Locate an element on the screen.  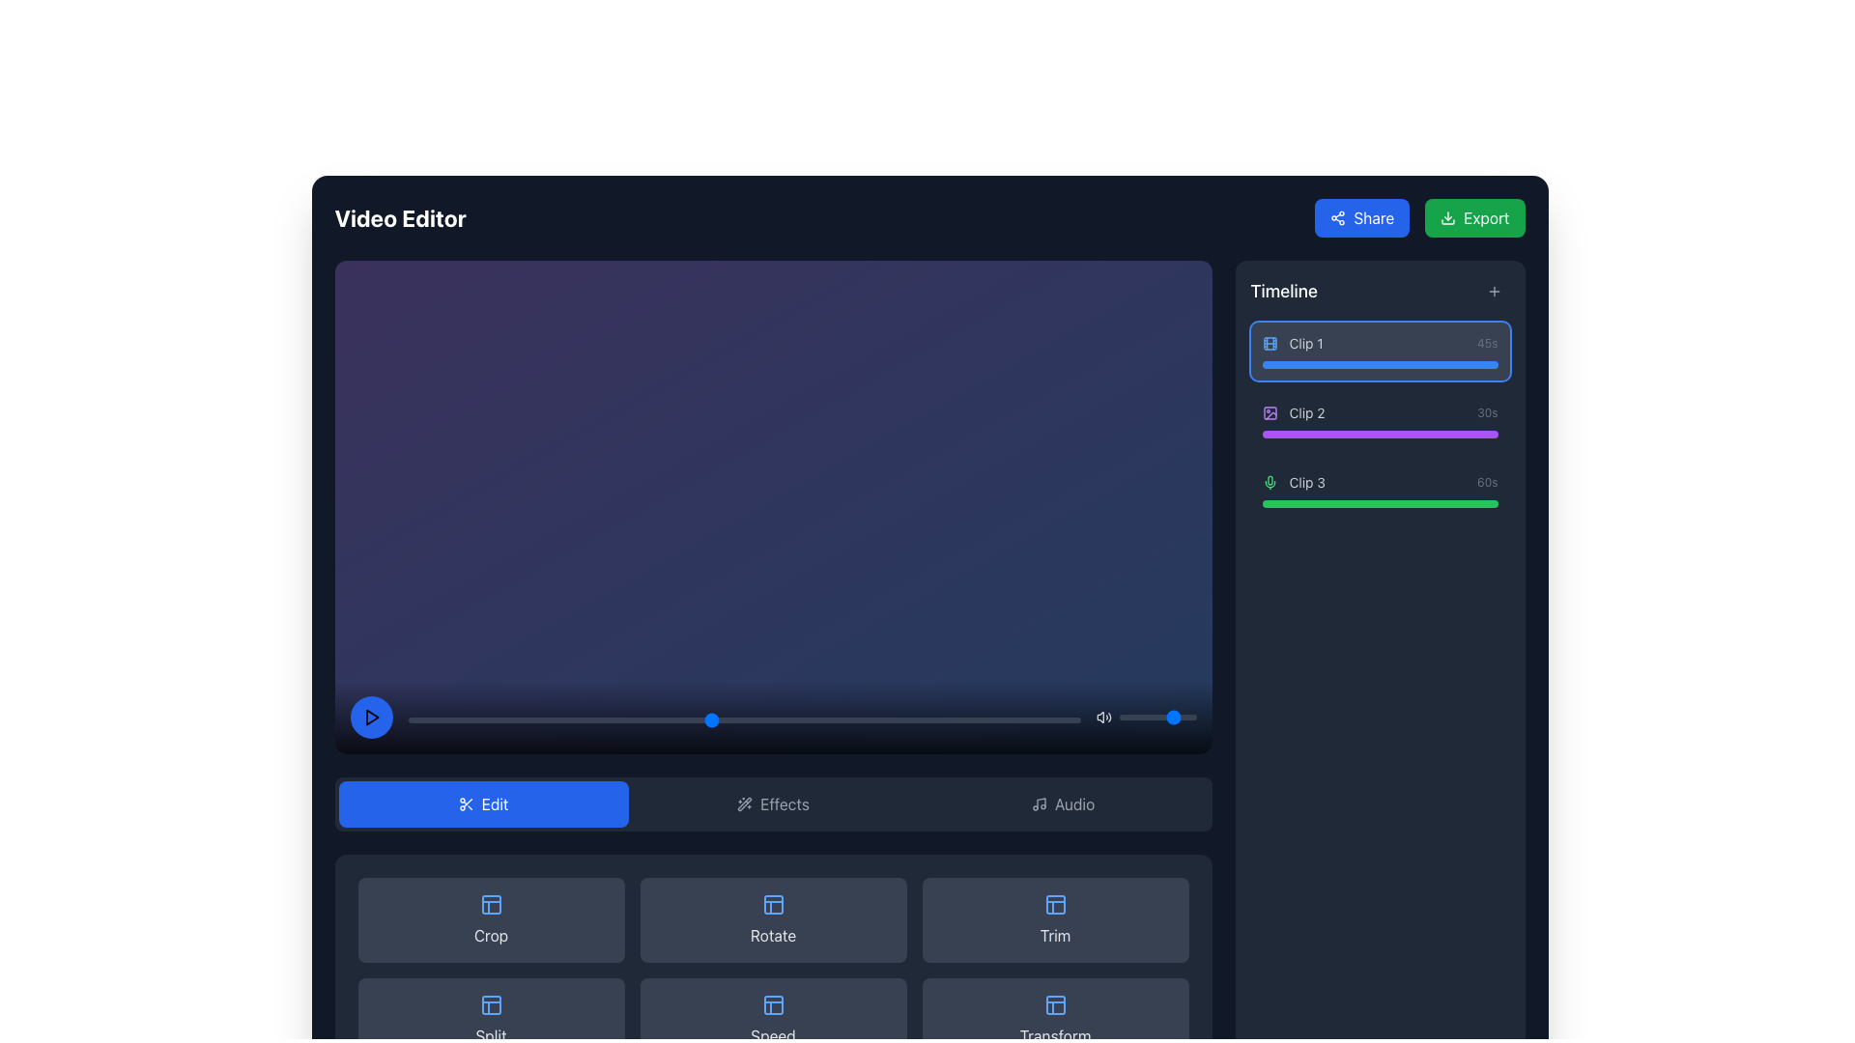
the slider value is located at coordinates (1138, 717).